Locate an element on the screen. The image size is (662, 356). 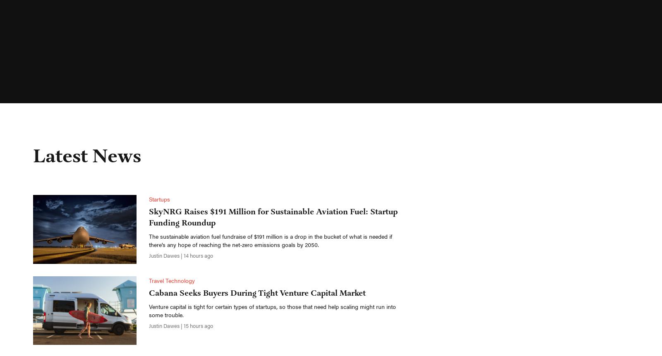
'Get Access' is located at coordinates (347, 14).